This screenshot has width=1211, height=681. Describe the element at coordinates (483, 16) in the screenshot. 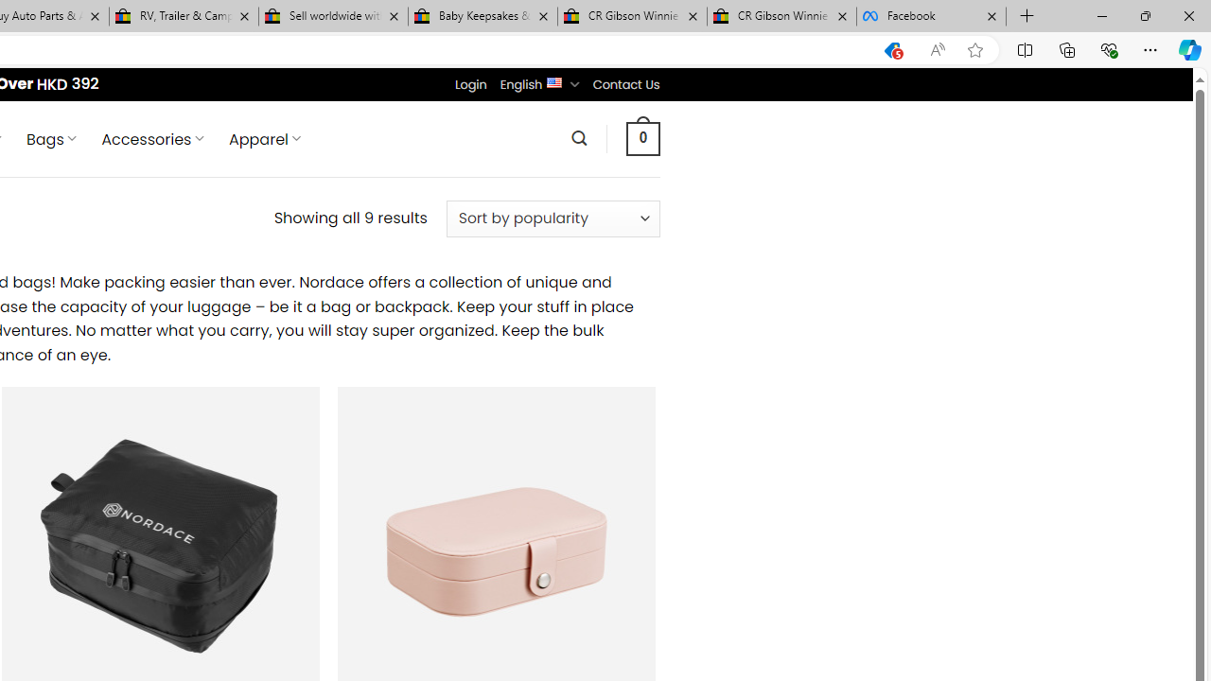

I see `'Baby Keepsakes & Announcements for sale | eBay'` at that location.